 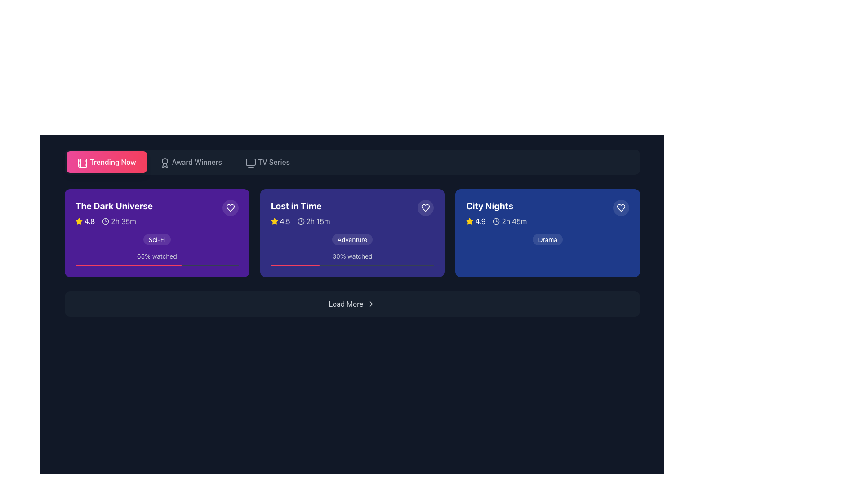 I want to click on the Circular clock icon next to the text '2h 45m' in the City Nights movie card, so click(x=496, y=221).